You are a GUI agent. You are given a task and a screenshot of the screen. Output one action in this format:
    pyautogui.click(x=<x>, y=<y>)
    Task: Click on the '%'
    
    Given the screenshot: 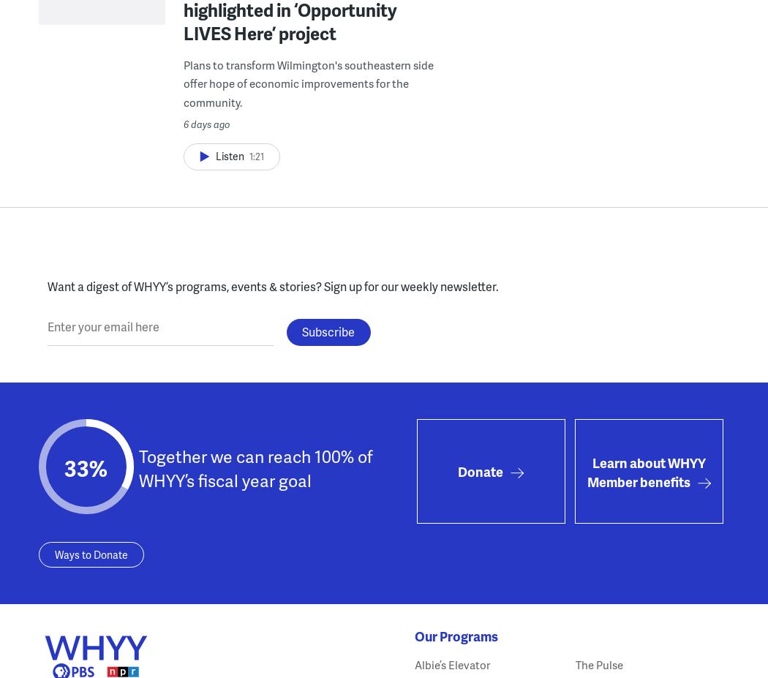 What is the action you would take?
    pyautogui.click(x=97, y=467)
    